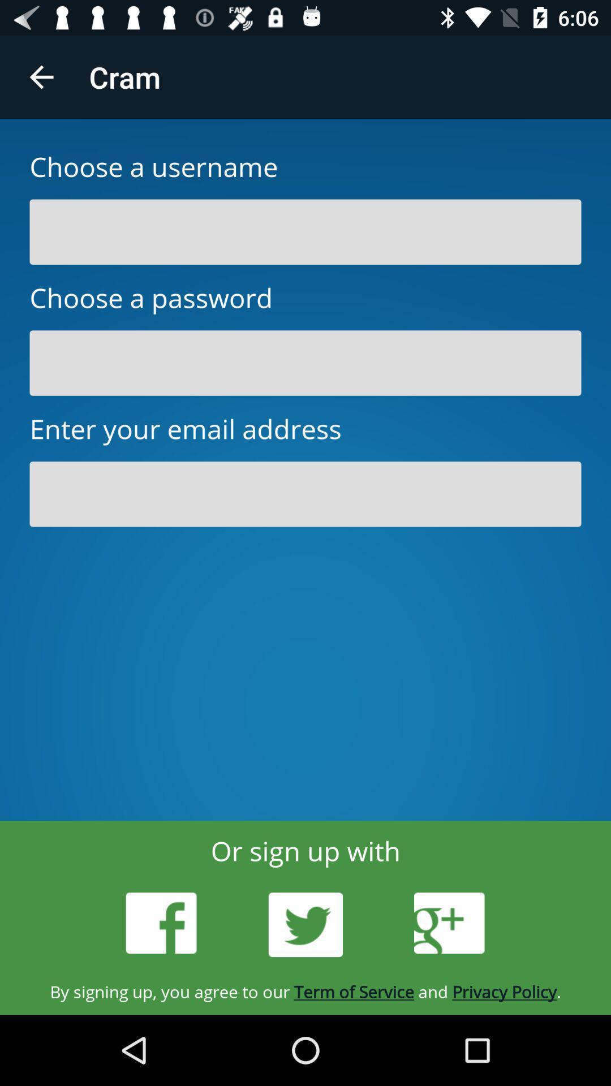 The image size is (611, 1086). What do you see at coordinates (161, 923) in the screenshot?
I see `the facebook icon` at bounding box center [161, 923].